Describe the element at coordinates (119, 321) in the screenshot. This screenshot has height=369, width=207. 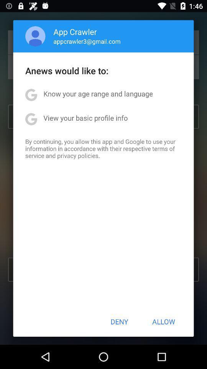
I see `the icon at the bottom` at that location.